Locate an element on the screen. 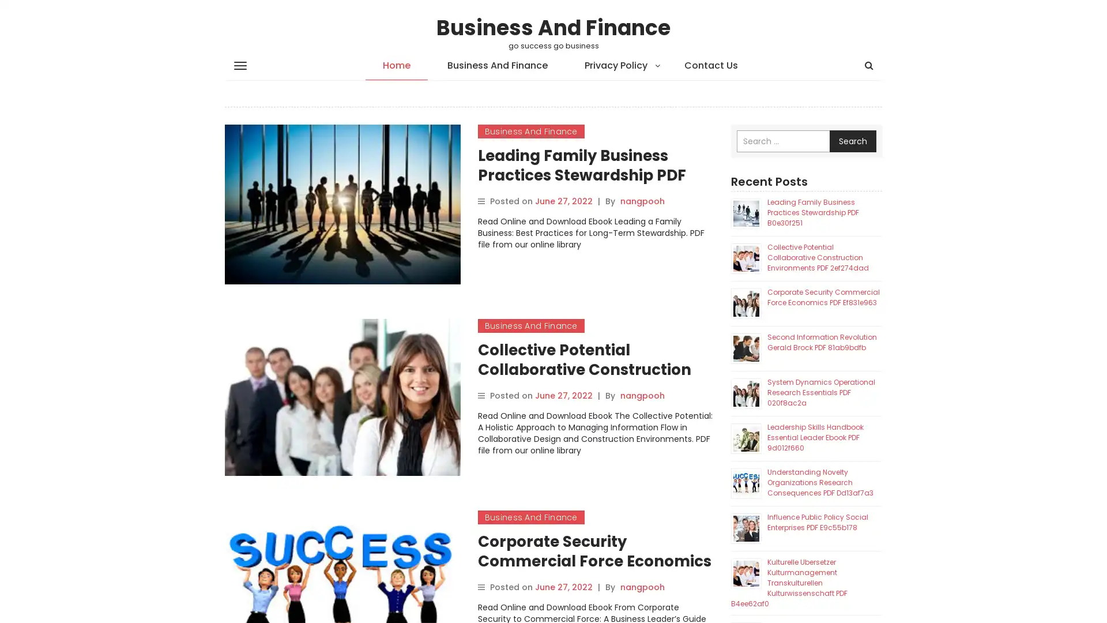 The width and height of the screenshot is (1107, 623). Search is located at coordinates (853, 141).